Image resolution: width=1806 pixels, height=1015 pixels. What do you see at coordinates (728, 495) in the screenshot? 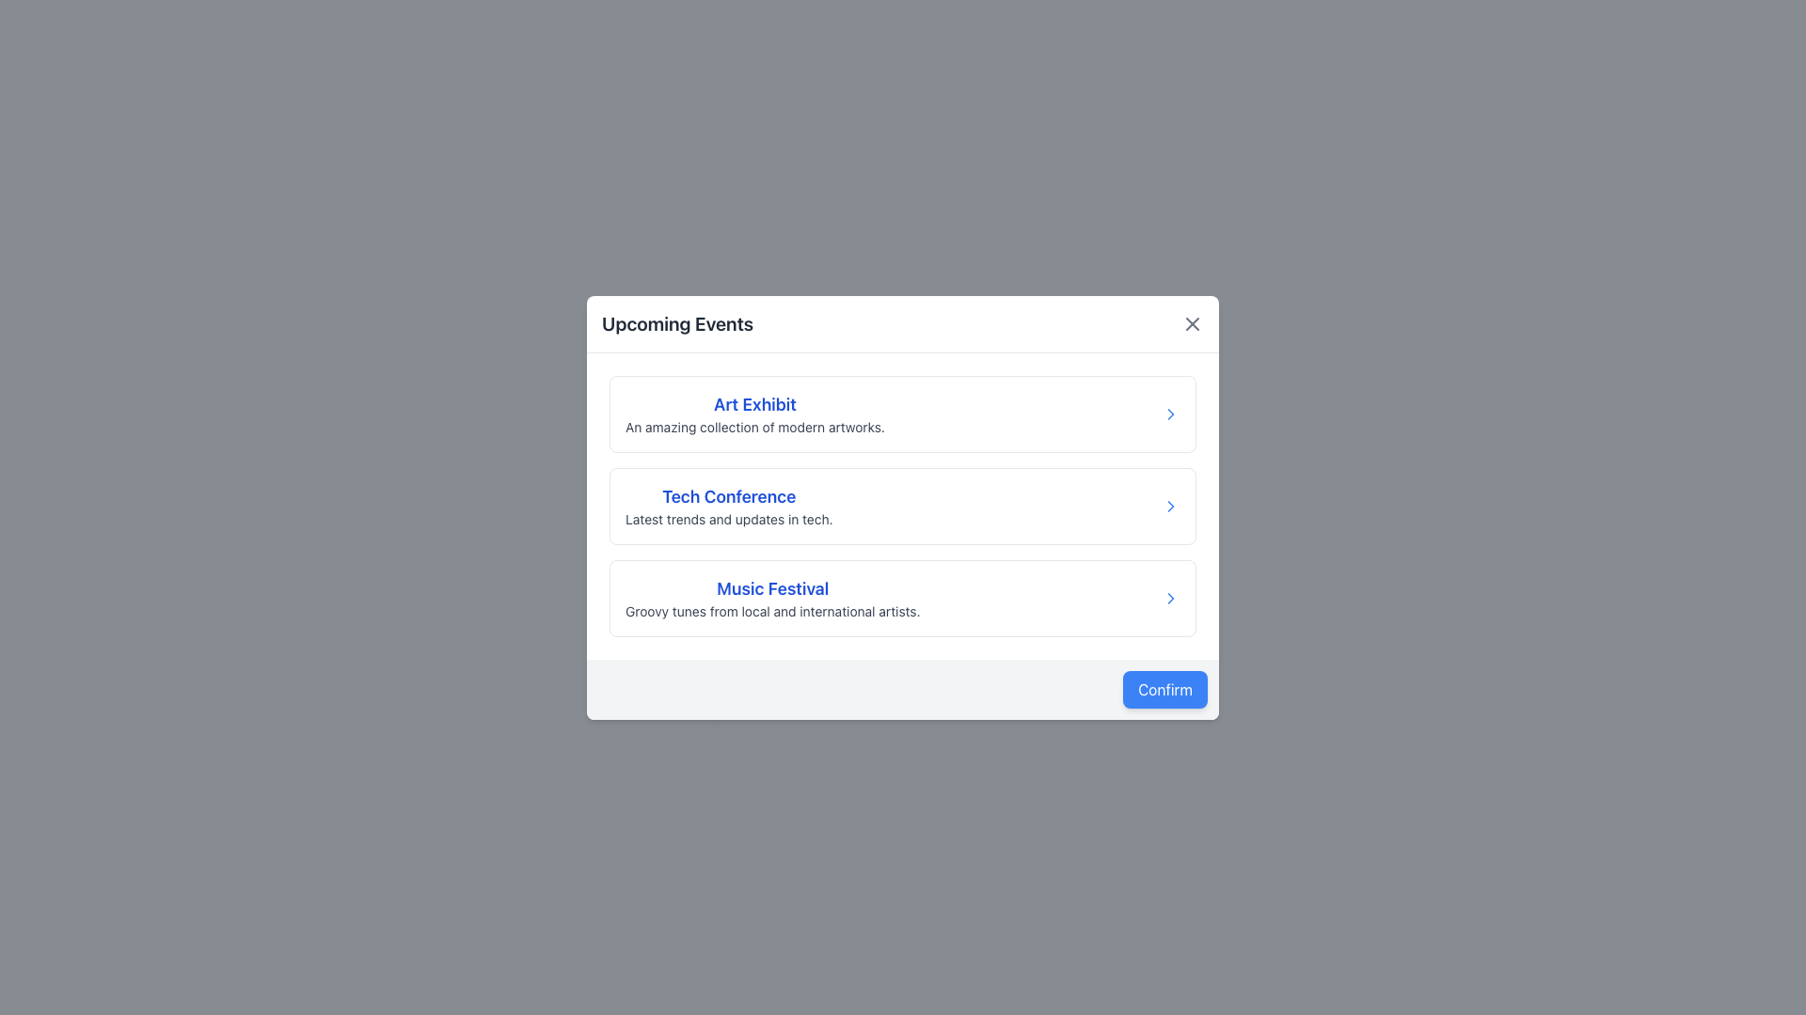
I see `the 'Tech Conference' text label` at bounding box center [728, 495].